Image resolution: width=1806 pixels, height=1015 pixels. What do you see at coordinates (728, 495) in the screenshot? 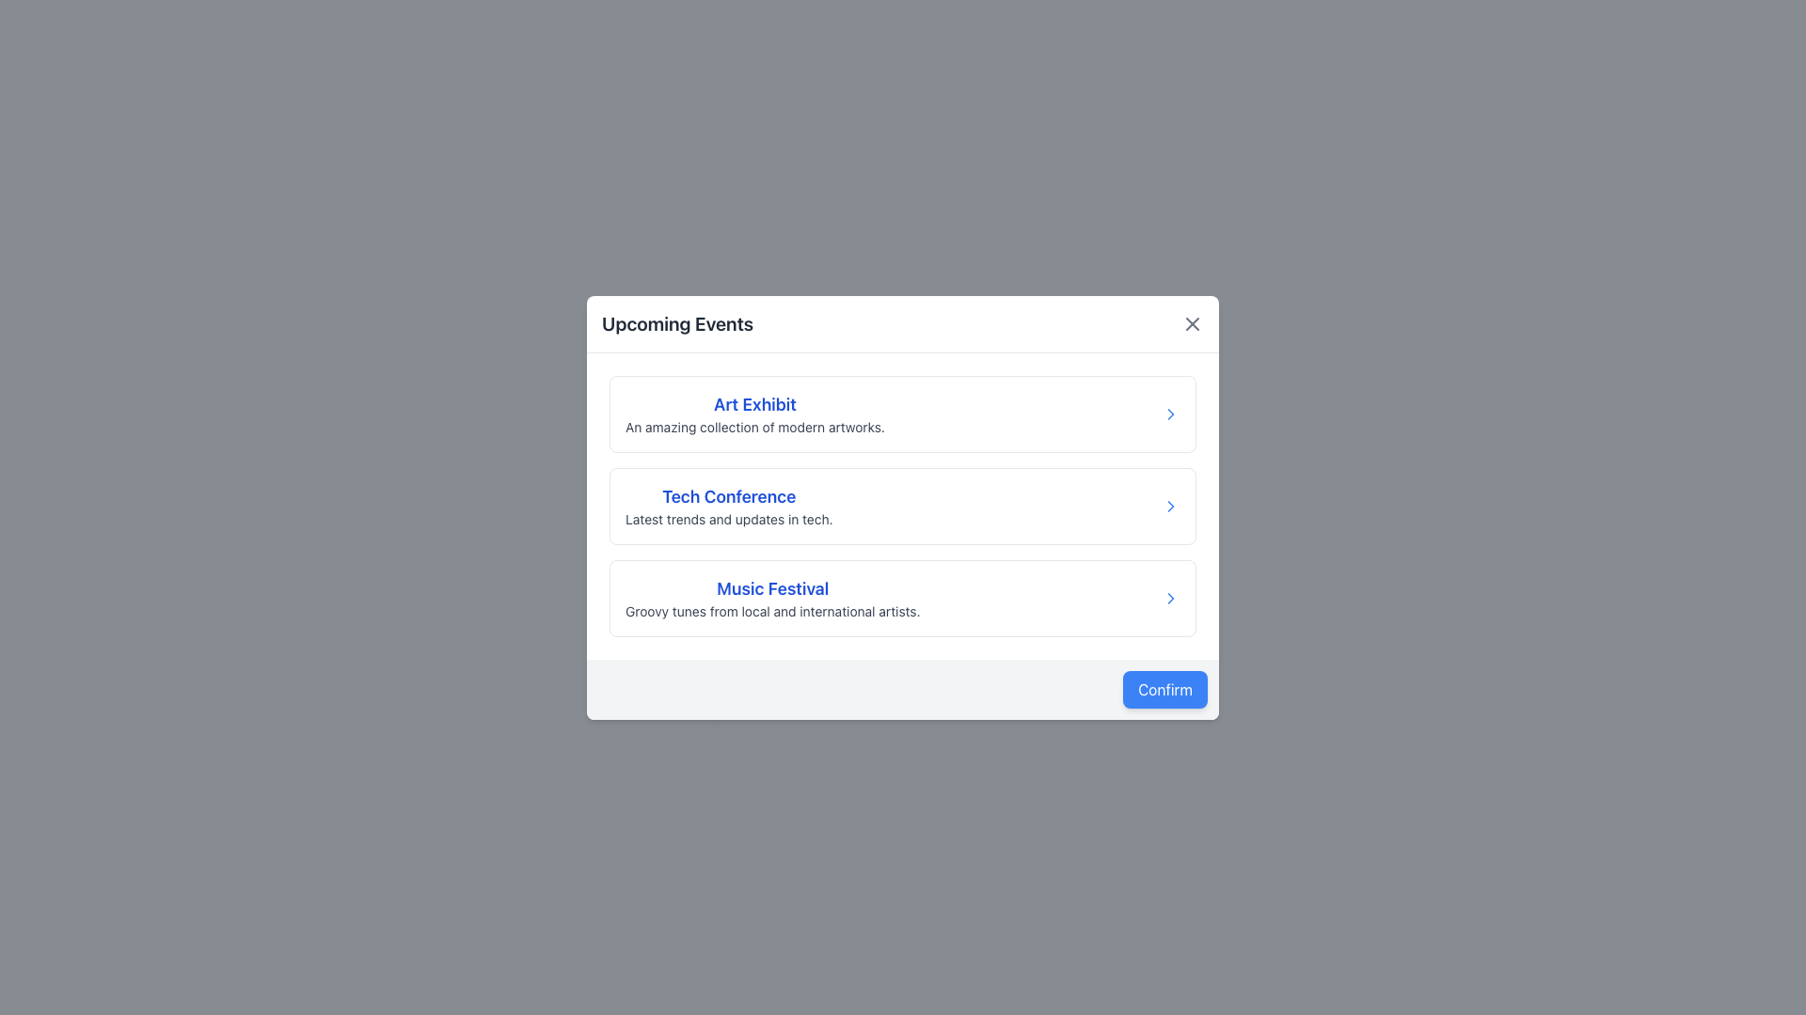
I see `the 'Tech Conference' text label` at bounding box center [728, 495].